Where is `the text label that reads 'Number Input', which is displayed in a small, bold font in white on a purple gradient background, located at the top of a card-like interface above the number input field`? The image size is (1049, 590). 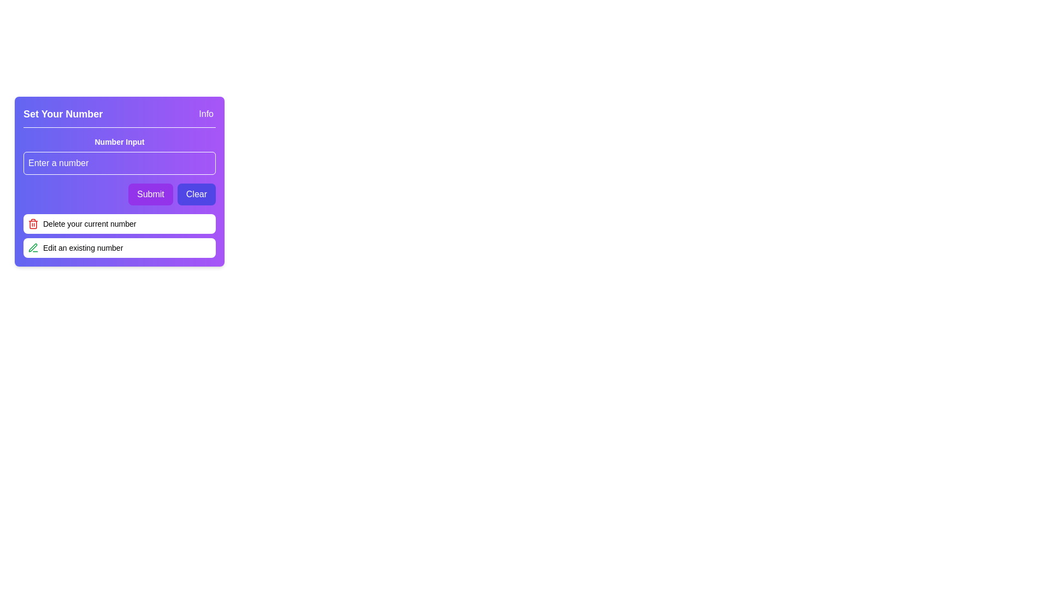 the text label that reads 'Number Input', which is displayed in a small, bold font in white on a purple gradient background, located at the top of a card-like interface above the number input field is located at coordinates (120, 141).